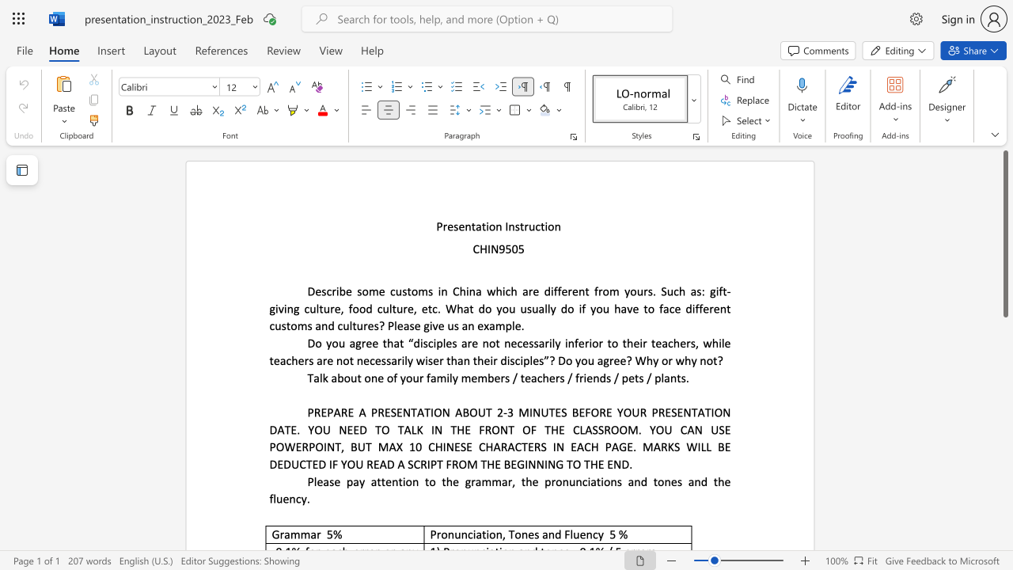  What do you see at coordinates (1004, 473) in the screenshot?
I see `the scrollbar to slide the page down` at bounding box center [1004, 473].